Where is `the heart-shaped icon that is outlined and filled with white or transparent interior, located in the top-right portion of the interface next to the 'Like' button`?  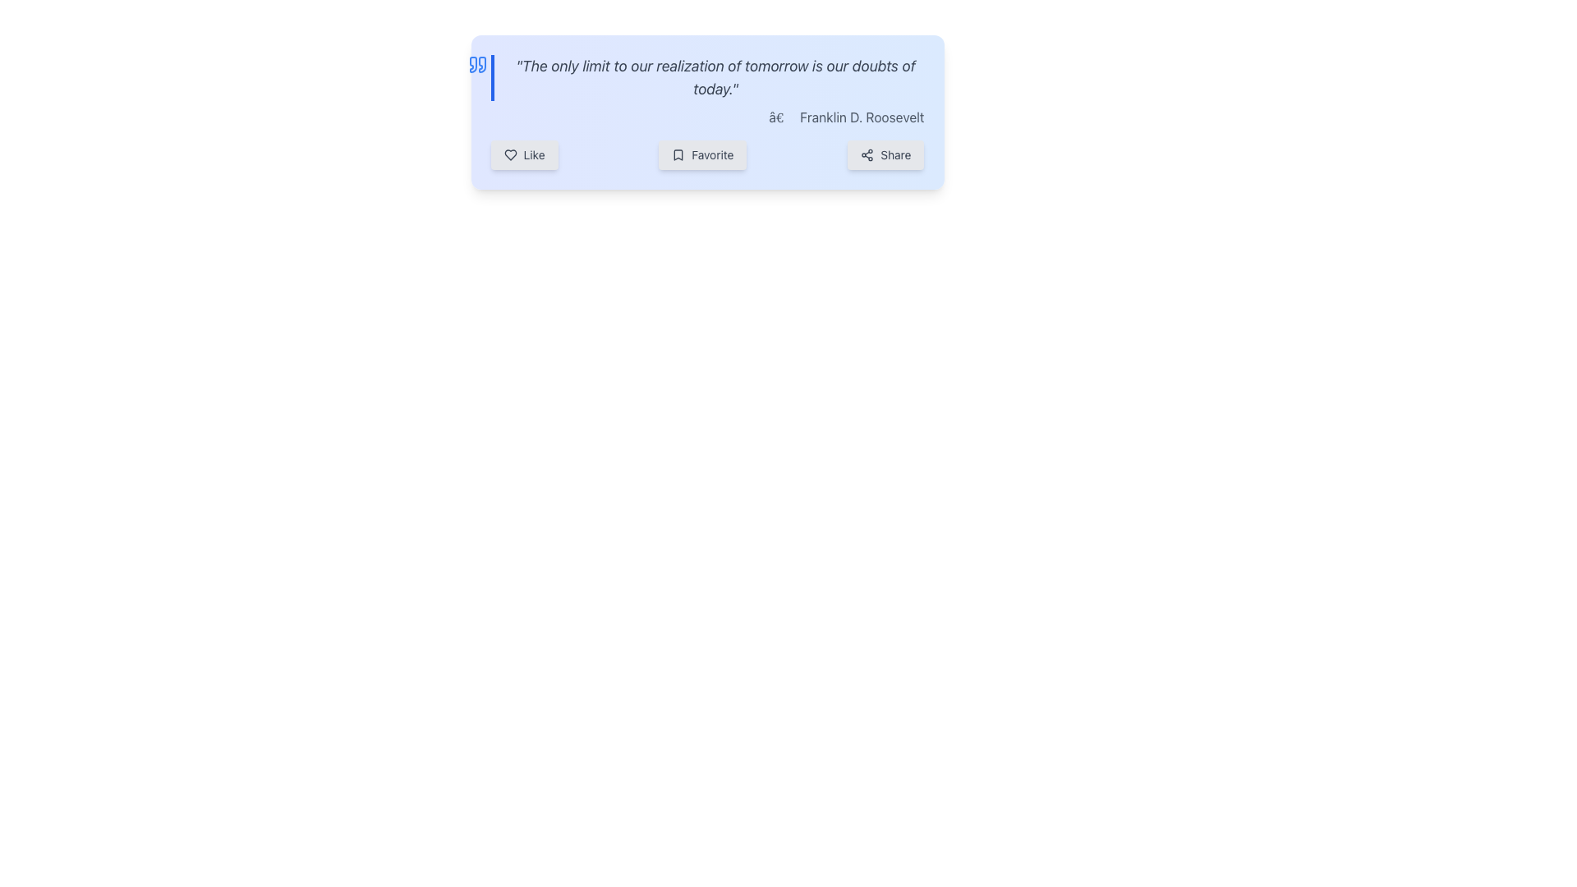
the heart-shaped icon that is outlined and filled with white or transparent interior, located in the top-right portion of the interface next to the 'Like' button is located at coordinates (509, 155).